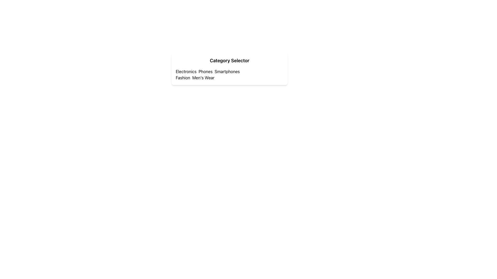 The width and height of the screenshot is (497, 279). What do you see at coordinates (205, 72) in the screenshot?
I see `the text label displaying 'Phones'` at bounding box center [205, 72].